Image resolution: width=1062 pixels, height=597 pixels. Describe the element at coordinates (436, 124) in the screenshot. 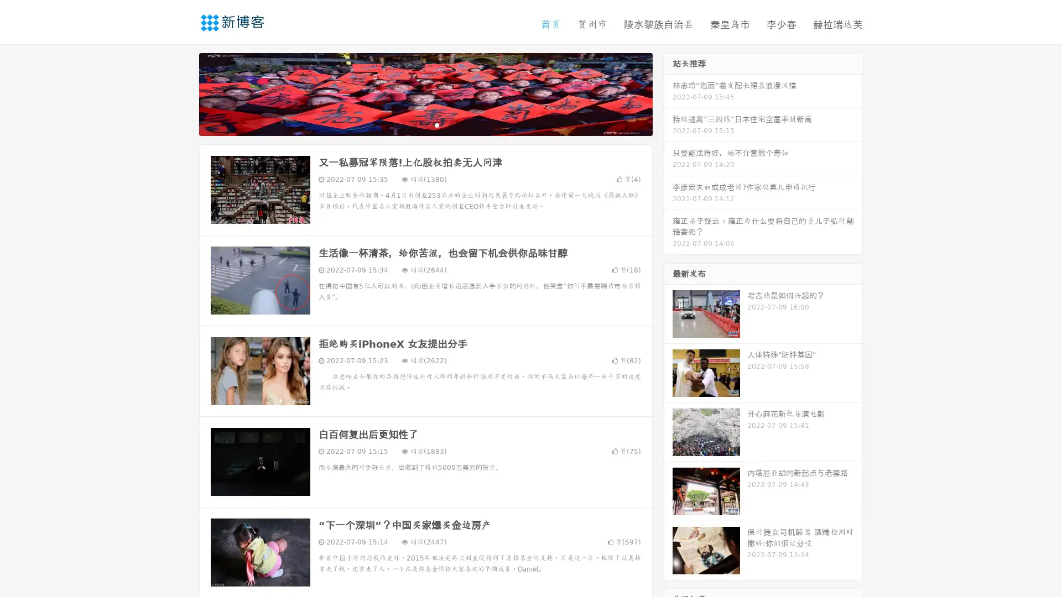

I see `Go to slide 3` at that location.